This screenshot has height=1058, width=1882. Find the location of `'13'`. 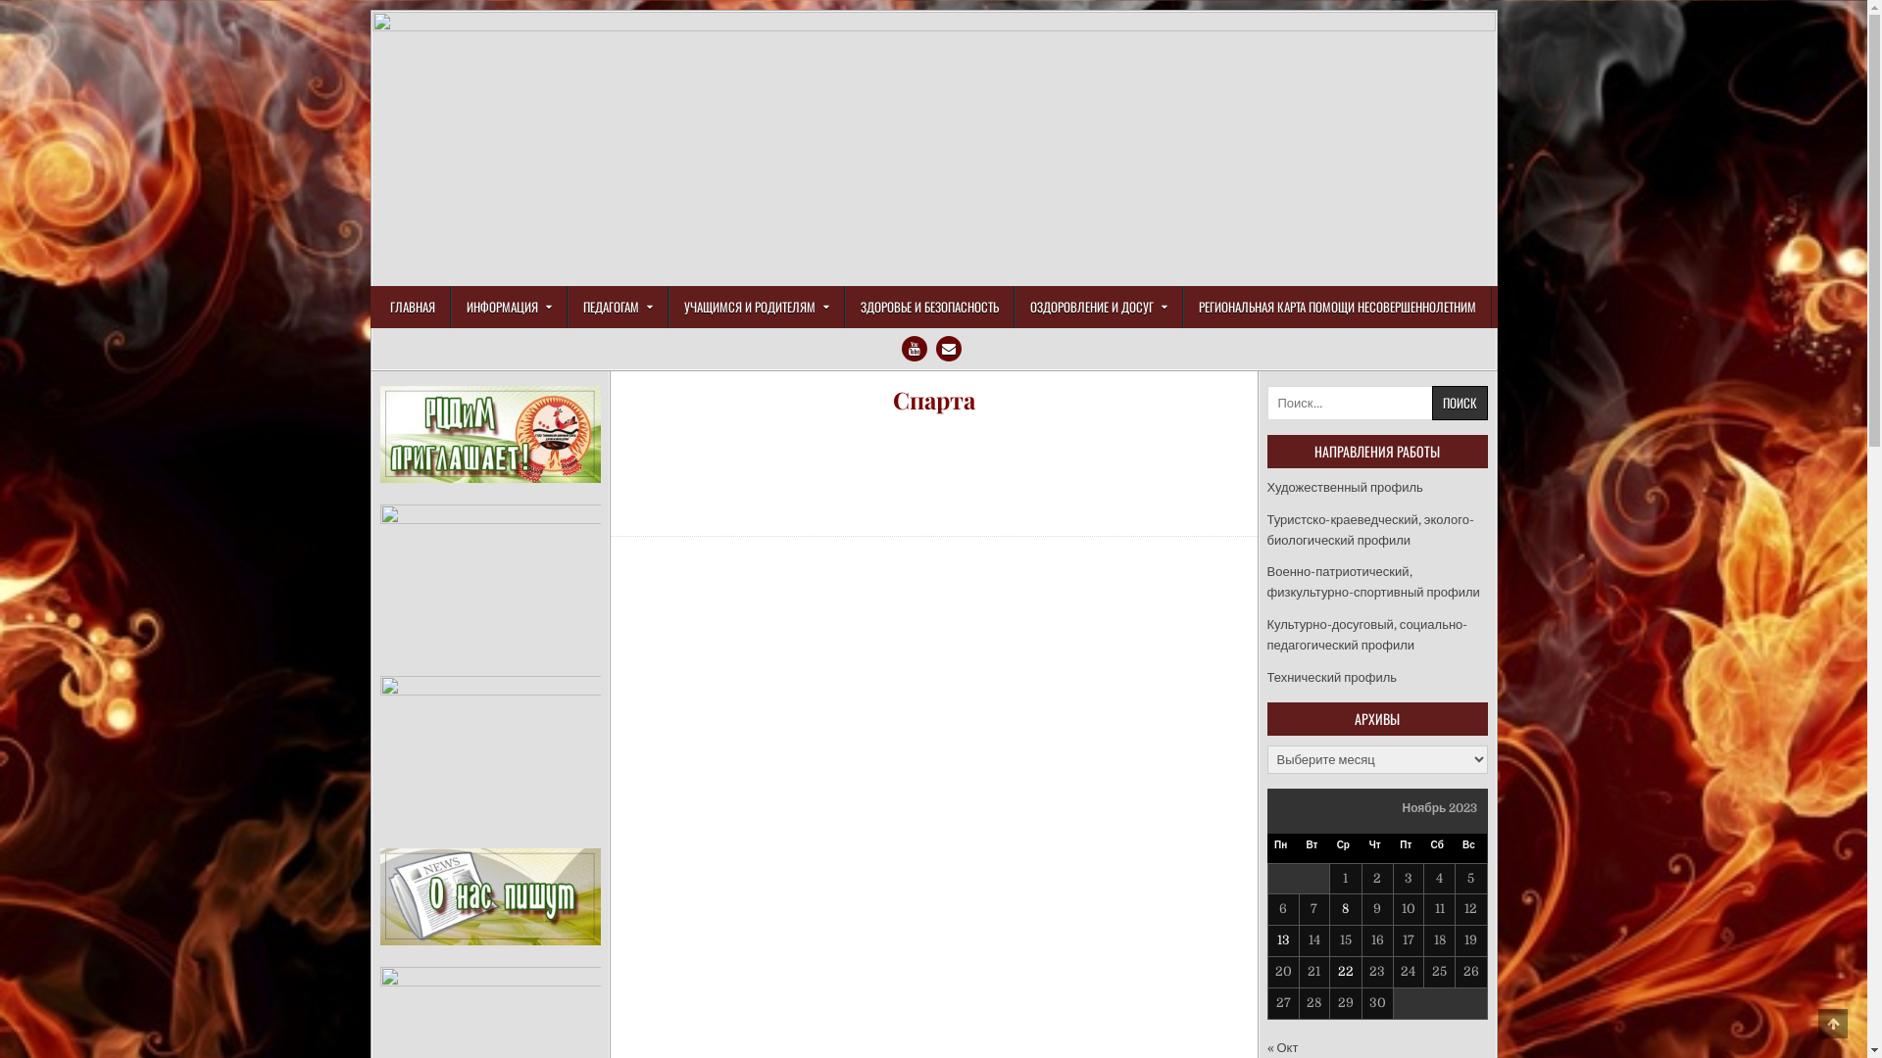

'13' is located at coordinates (1283, 938).